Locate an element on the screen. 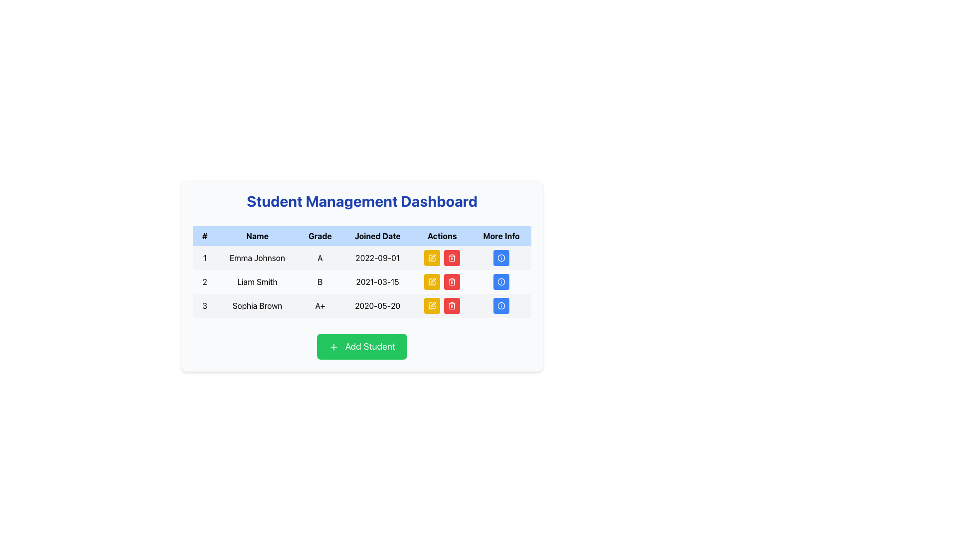  the 'Actions' column header in the table, which is positioned in the fifth column of the header row, between the 'Joined Date' and 'More Info' headers is located at coordinates (442, 236).